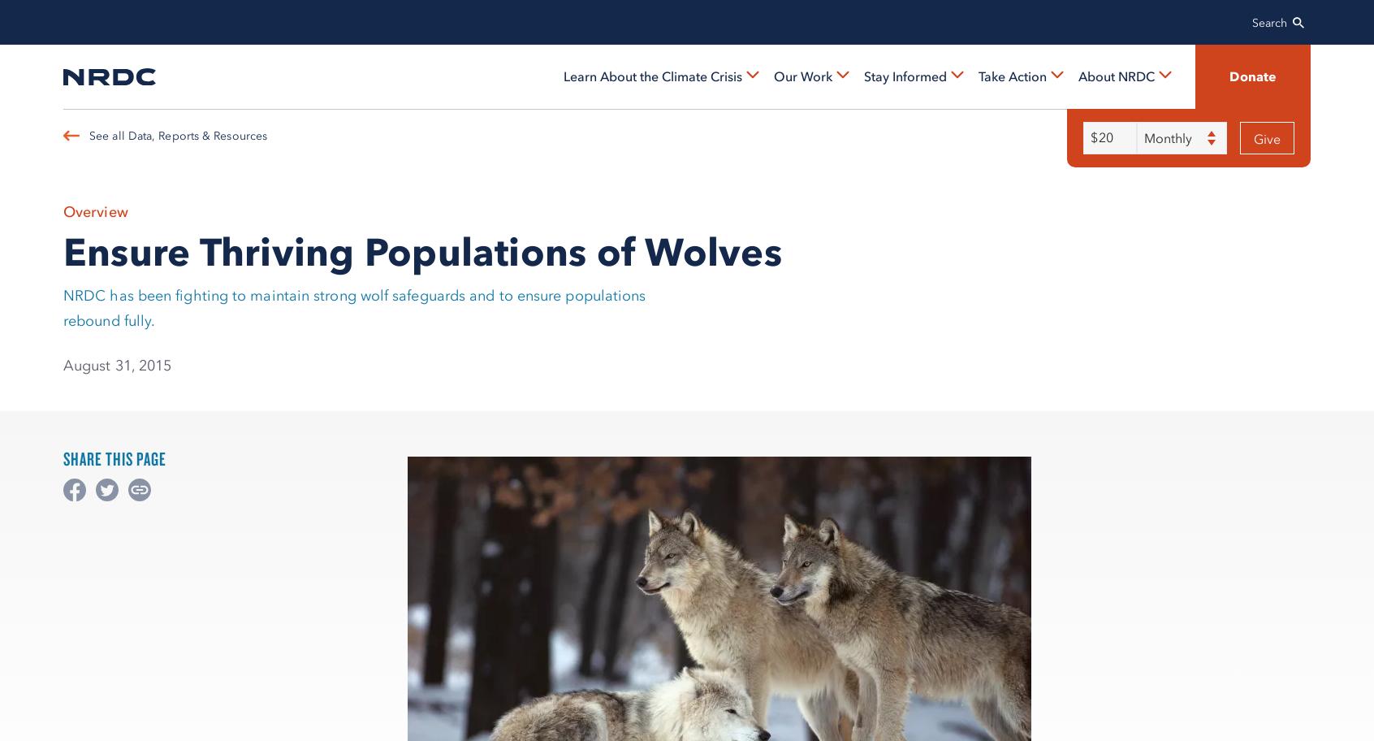  What do you see at coordinates (564, 76) in the screenshot?
I see `'Learn About the Climate Crisis'` at bounding box center [564, 76].